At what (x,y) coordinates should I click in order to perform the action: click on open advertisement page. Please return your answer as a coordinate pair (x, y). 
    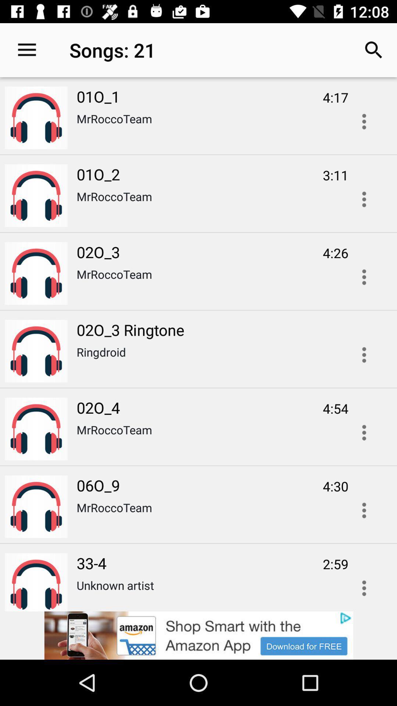
    Looking at the image, I should click on (198, 635).